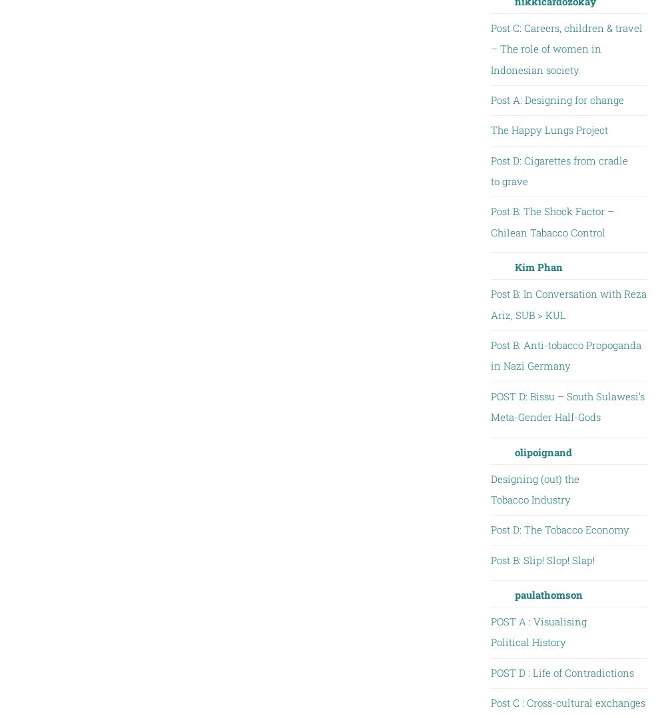  I want to click on 'Post B:  The Shock Factor – Chilean Tabacco Control', so click(551, 220).